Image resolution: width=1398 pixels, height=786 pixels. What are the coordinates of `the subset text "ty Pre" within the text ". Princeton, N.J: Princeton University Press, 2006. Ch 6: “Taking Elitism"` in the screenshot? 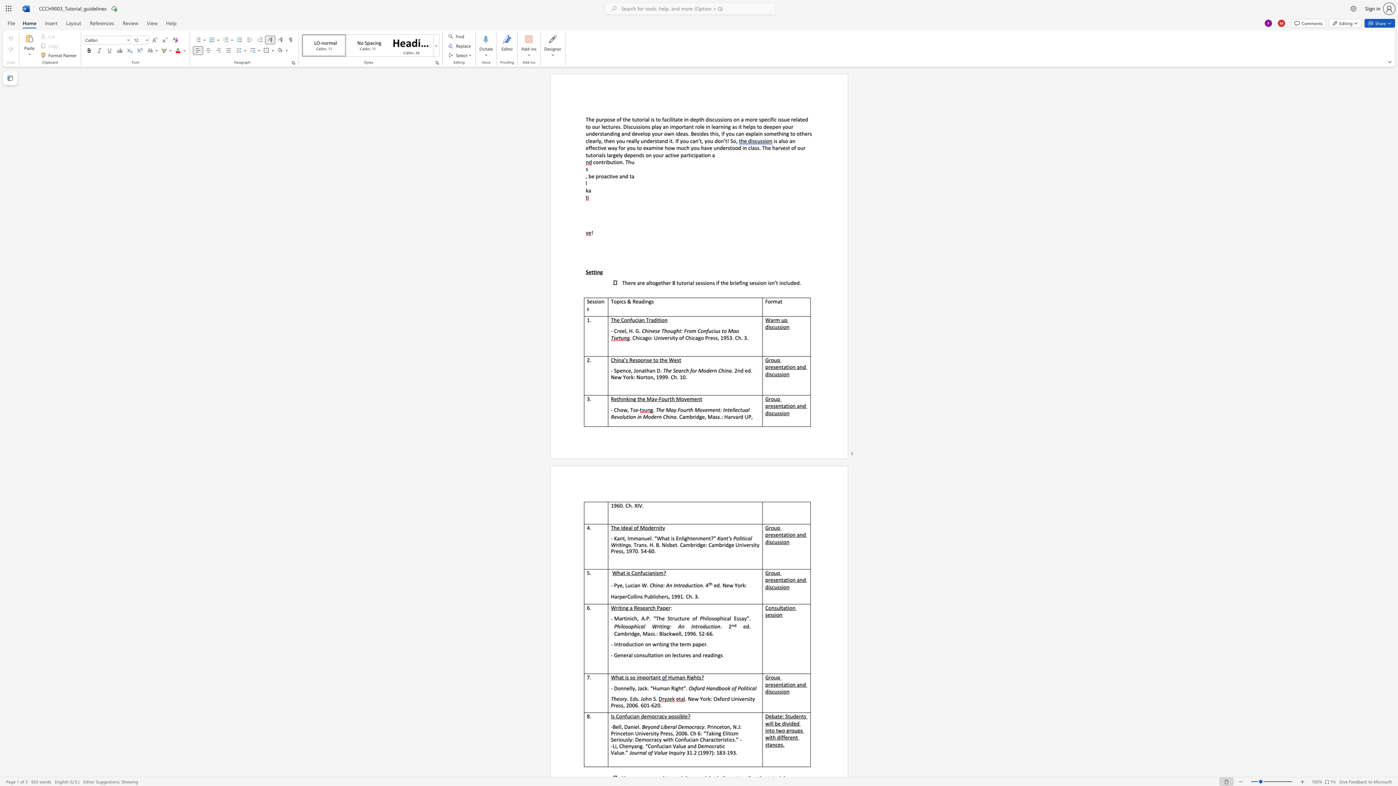 It's located at (654, 733).